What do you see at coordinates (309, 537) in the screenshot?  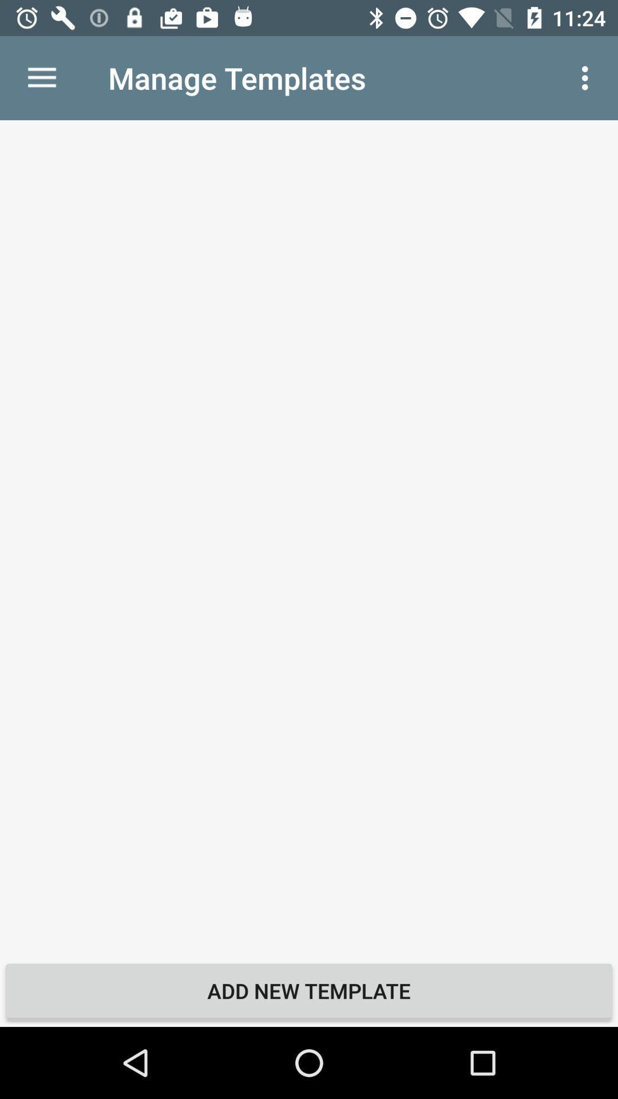 I see `item at the center` at bounding box center [309, 537].